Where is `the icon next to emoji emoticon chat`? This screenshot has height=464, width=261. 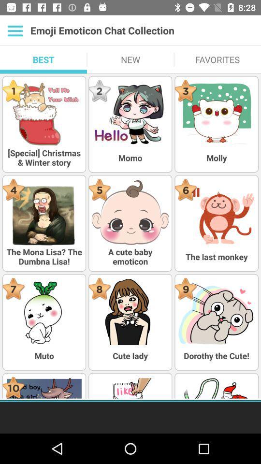
the icon next to emoji emoticon chat is located at coordinates (14, 30).